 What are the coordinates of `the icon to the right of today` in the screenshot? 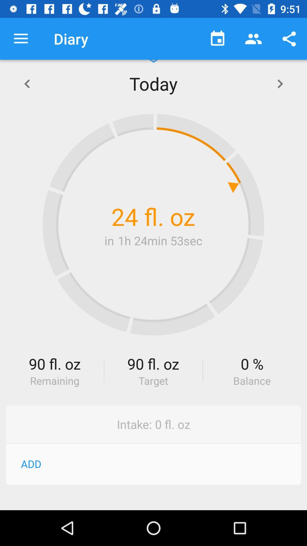 It's located at (280, 83).